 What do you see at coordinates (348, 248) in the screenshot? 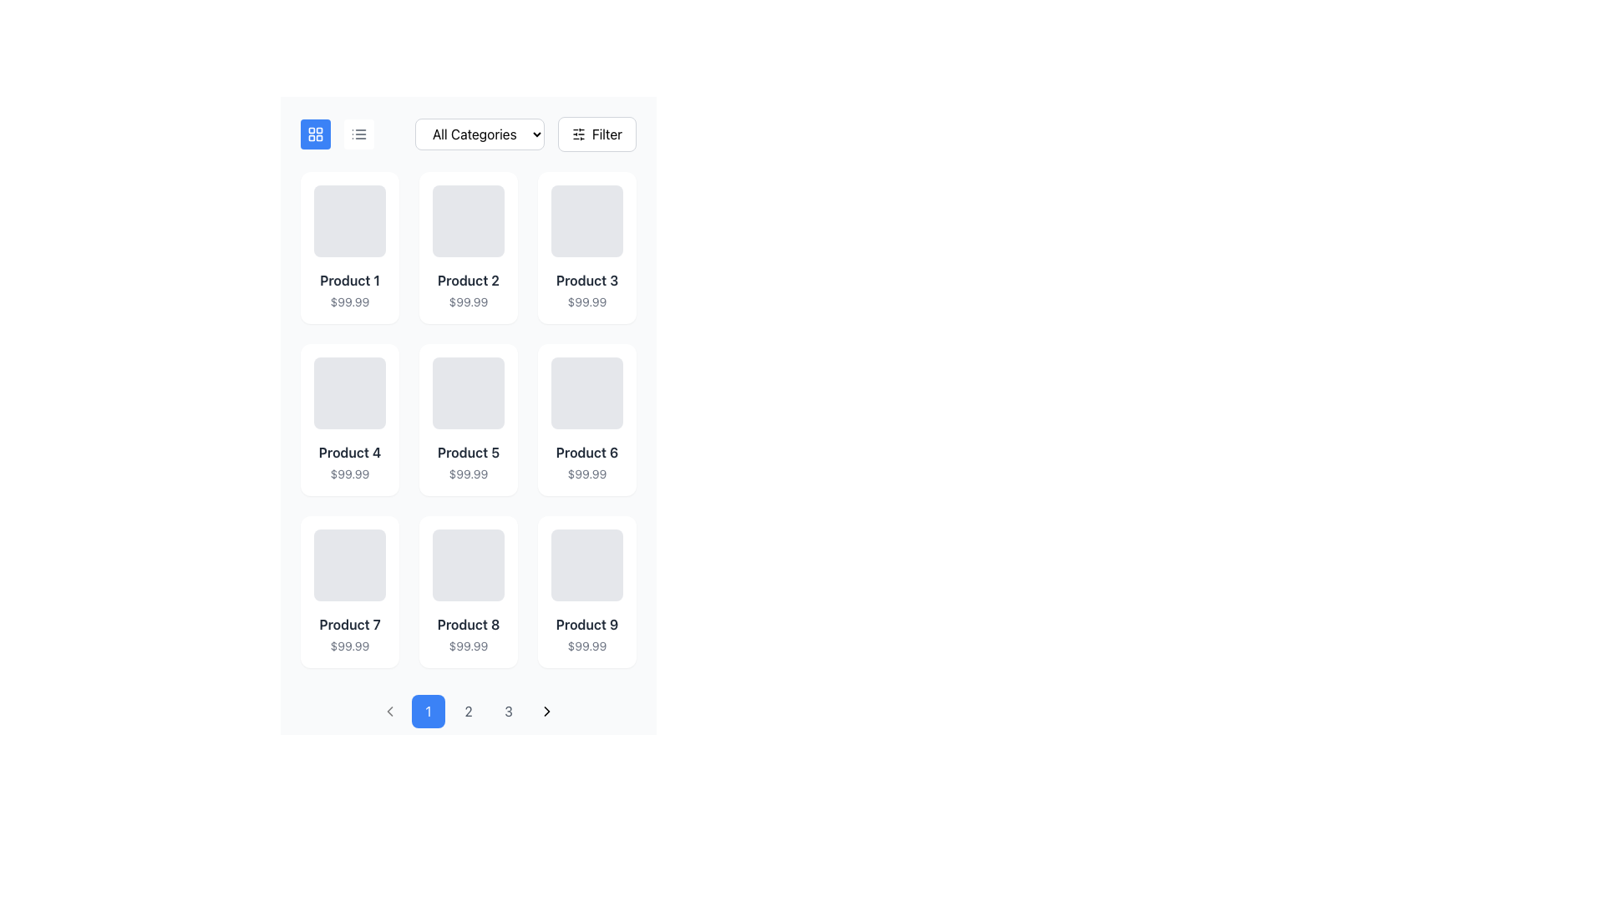
I see `the product card located in the first row, first column of the grid layout` at bounding box center [348, 248].